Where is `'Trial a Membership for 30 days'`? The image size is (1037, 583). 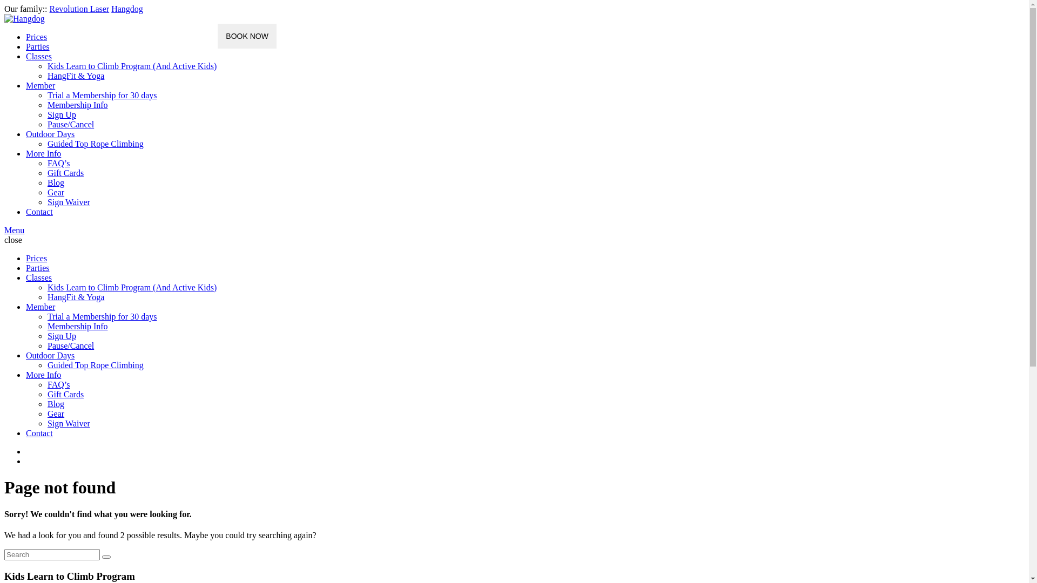
'Trial a Membership for 30 days' is located at coordinates (46, 94).